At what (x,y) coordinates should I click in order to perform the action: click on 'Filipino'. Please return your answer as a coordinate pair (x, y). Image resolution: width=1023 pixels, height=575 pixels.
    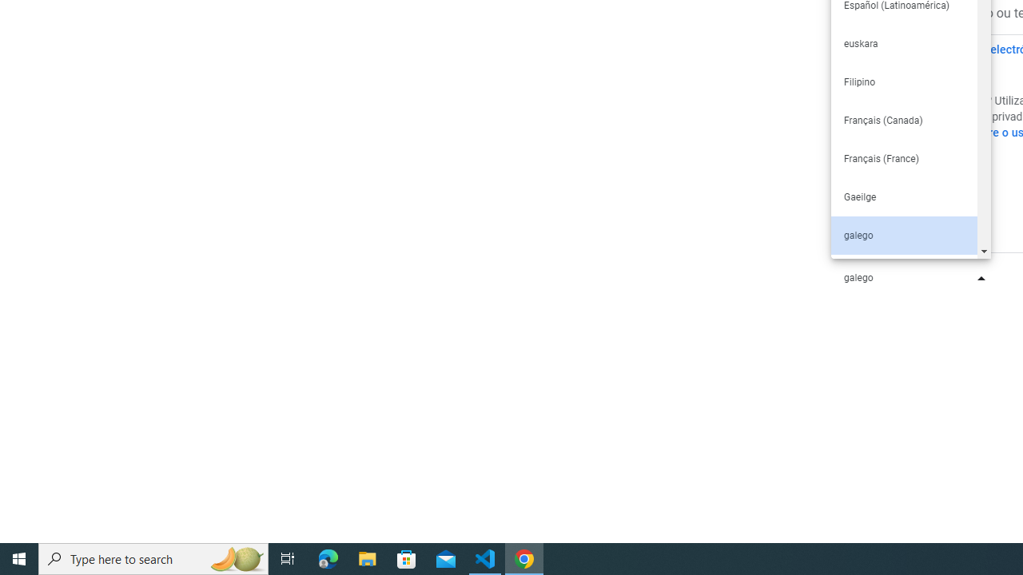
    Looking at the image, I should click on (903, 81).